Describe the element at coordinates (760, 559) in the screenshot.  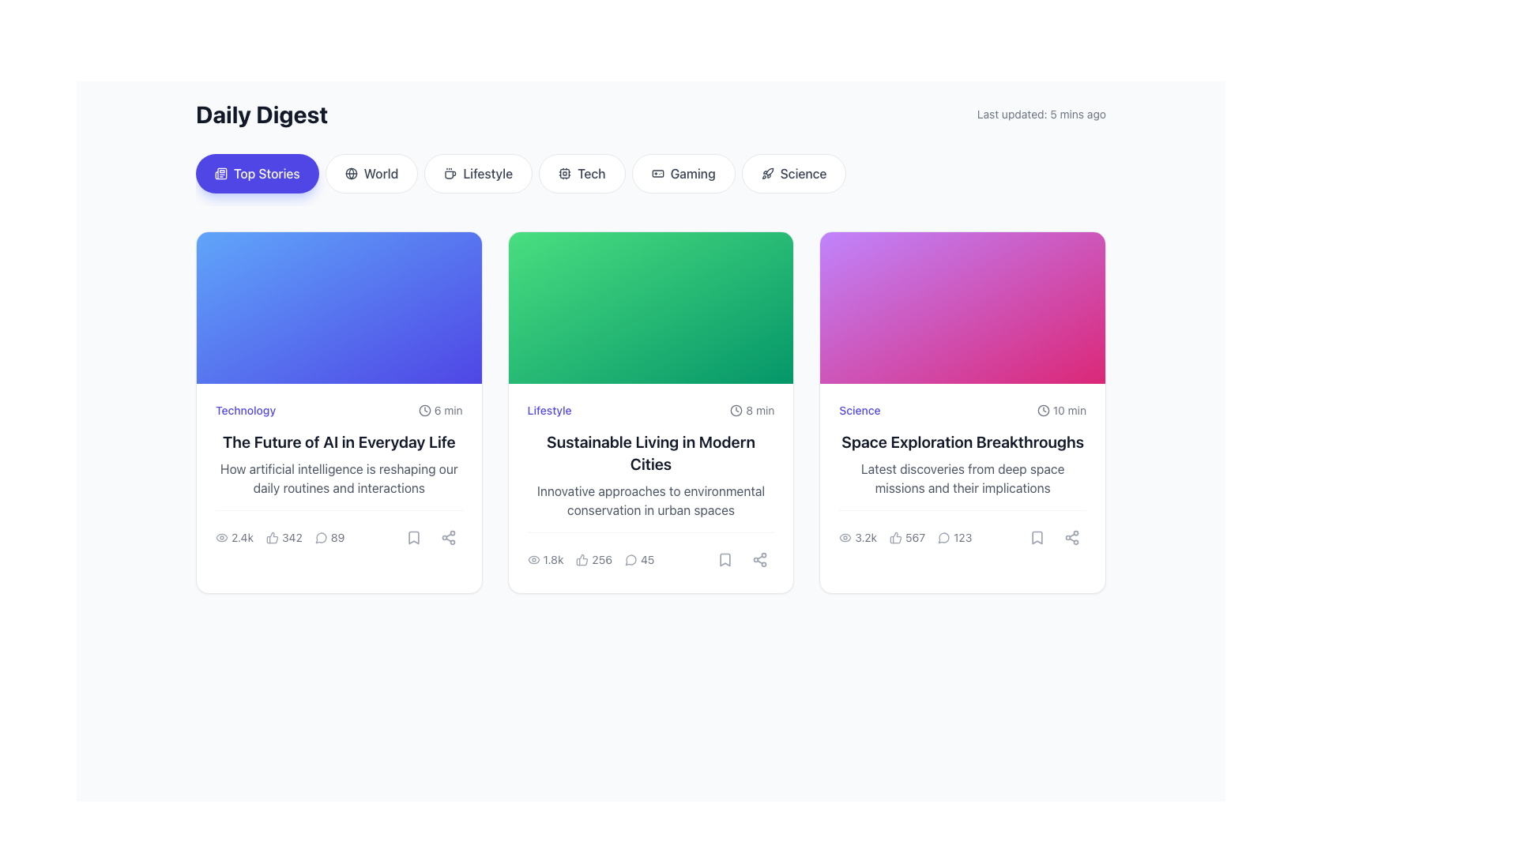
I see `the Icon button featuring three circles connected by two lines at the bottom-right corner of the third card` at that location.